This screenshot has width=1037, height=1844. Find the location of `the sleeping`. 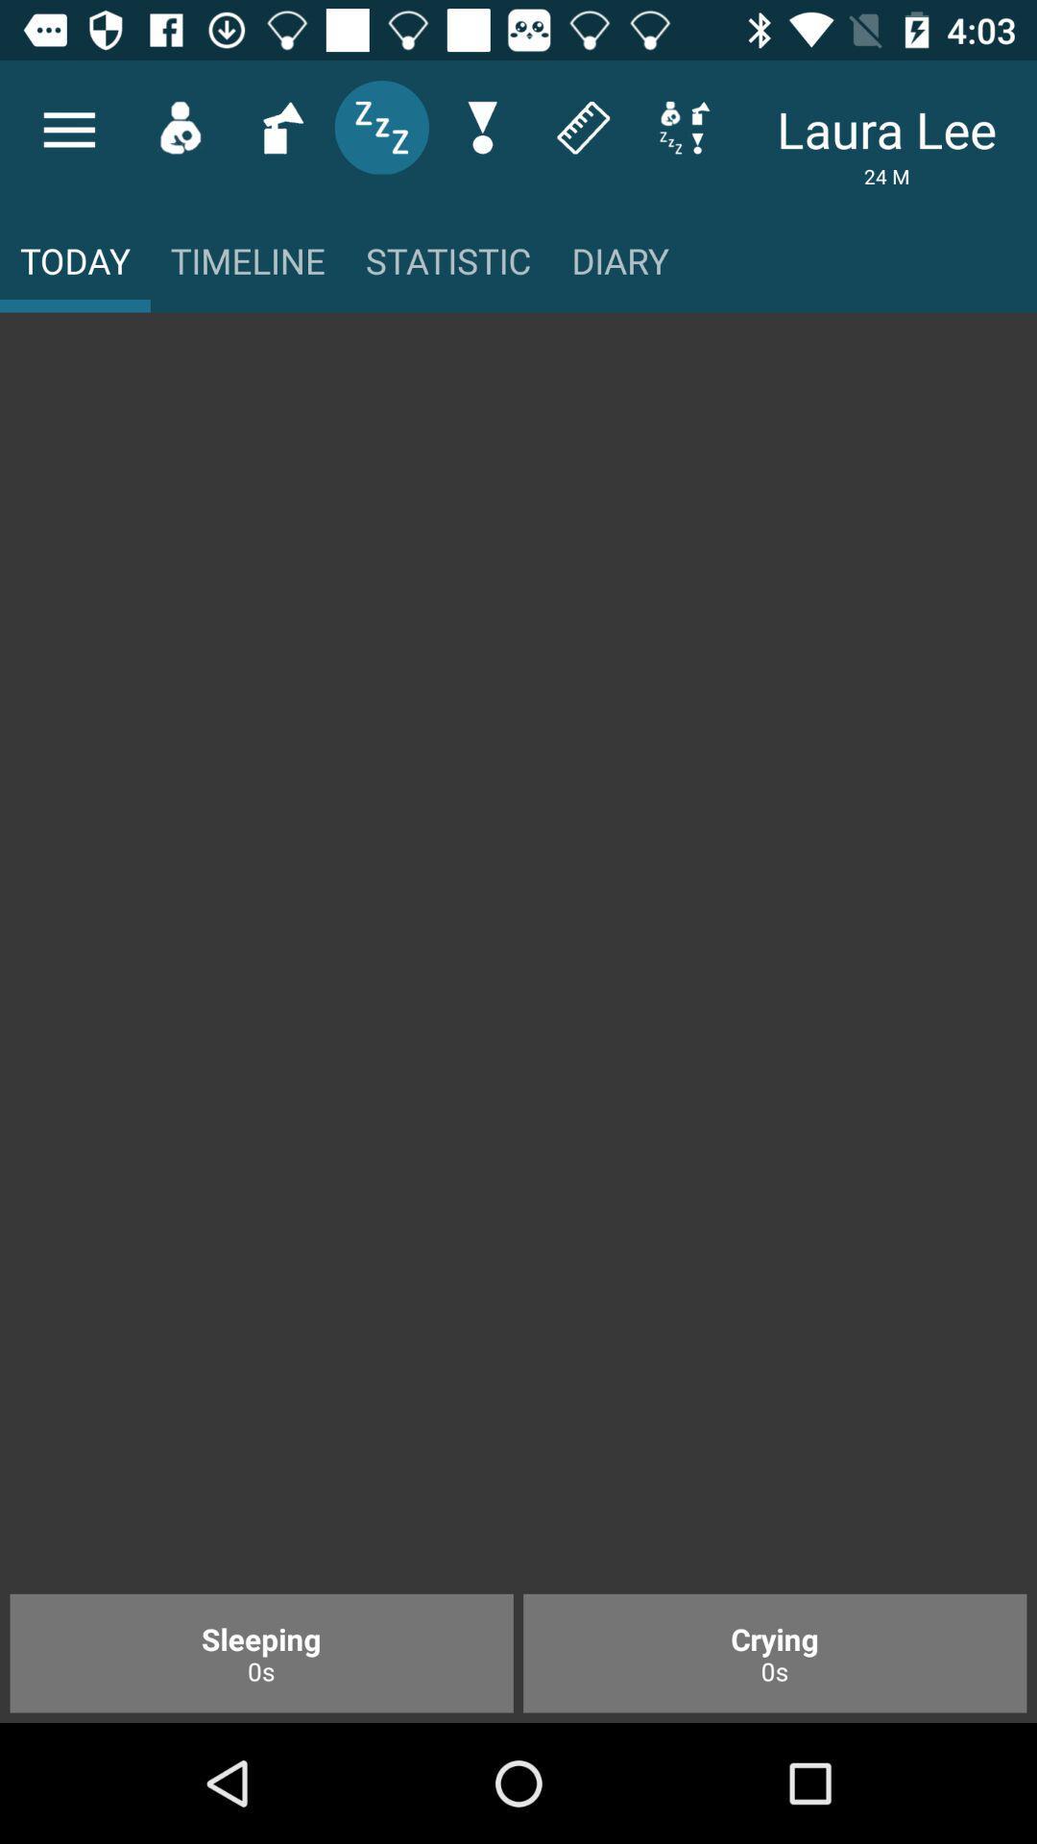

the sleeping is located at coordinates (261, 1652).